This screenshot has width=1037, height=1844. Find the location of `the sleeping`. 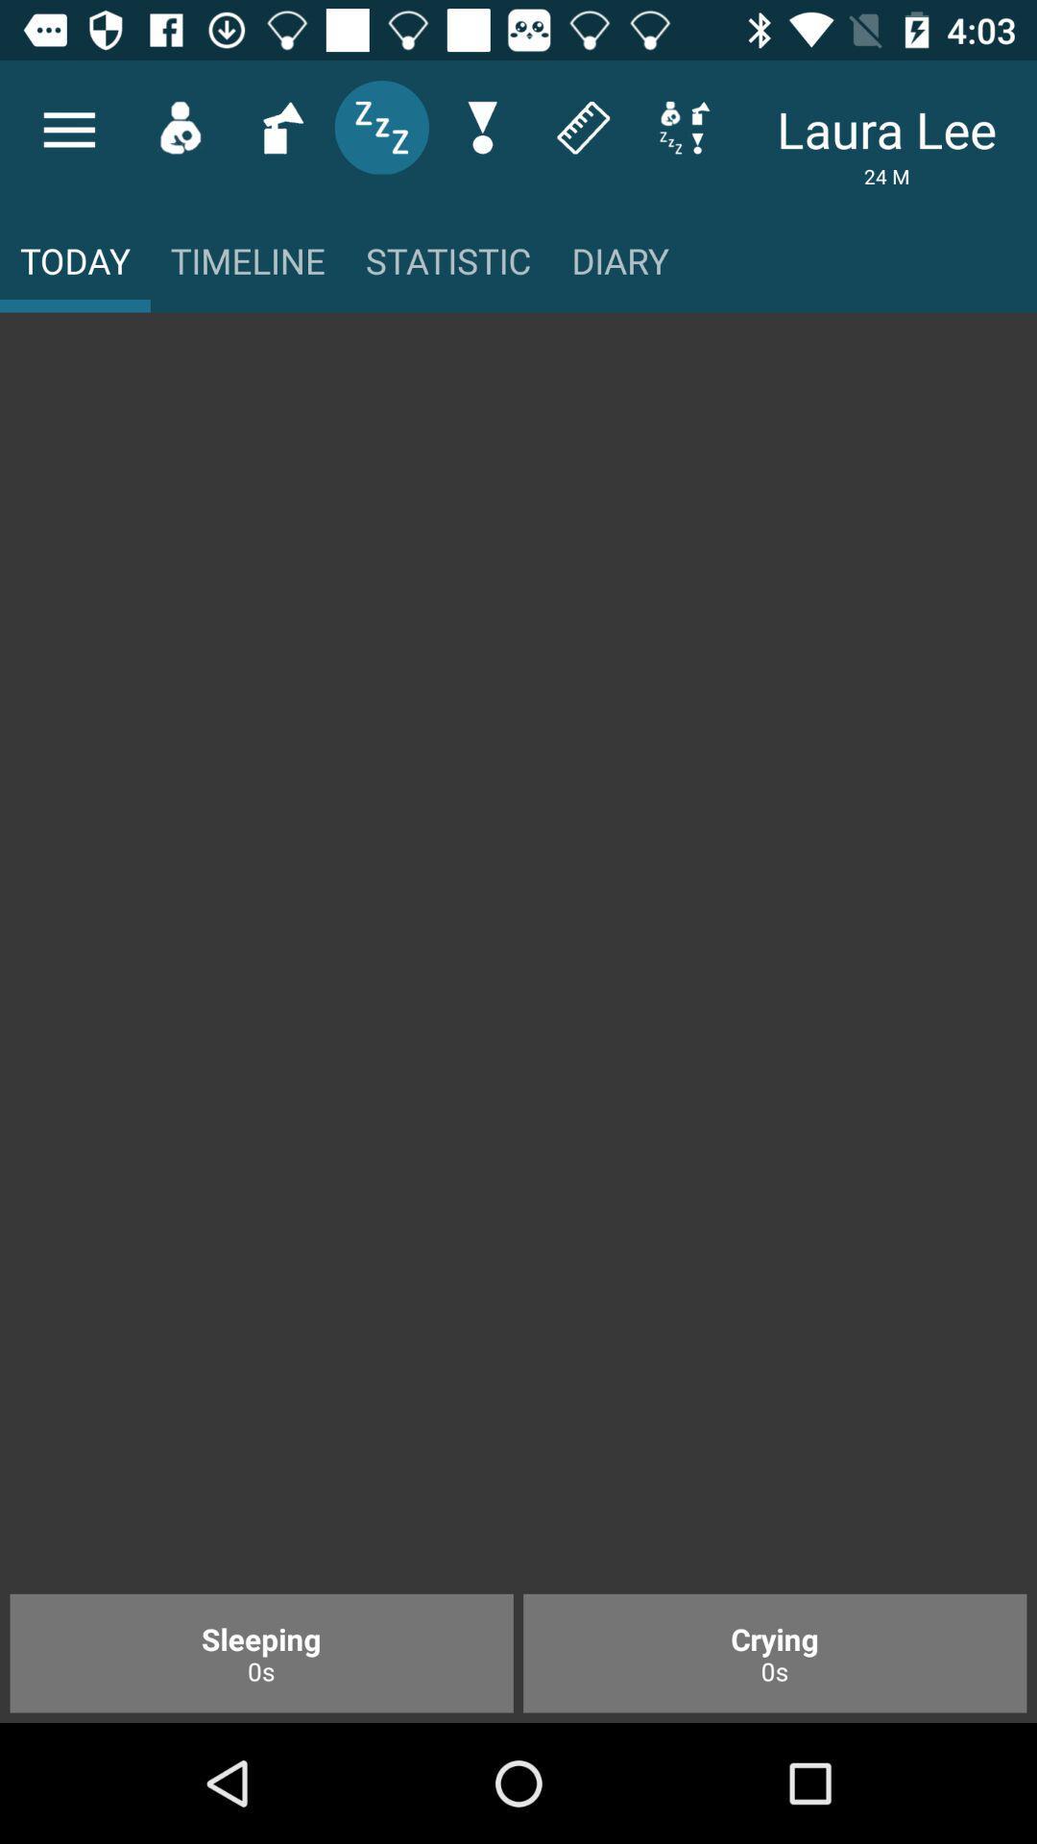

the sleeping is located at coordinates (261, 1652).